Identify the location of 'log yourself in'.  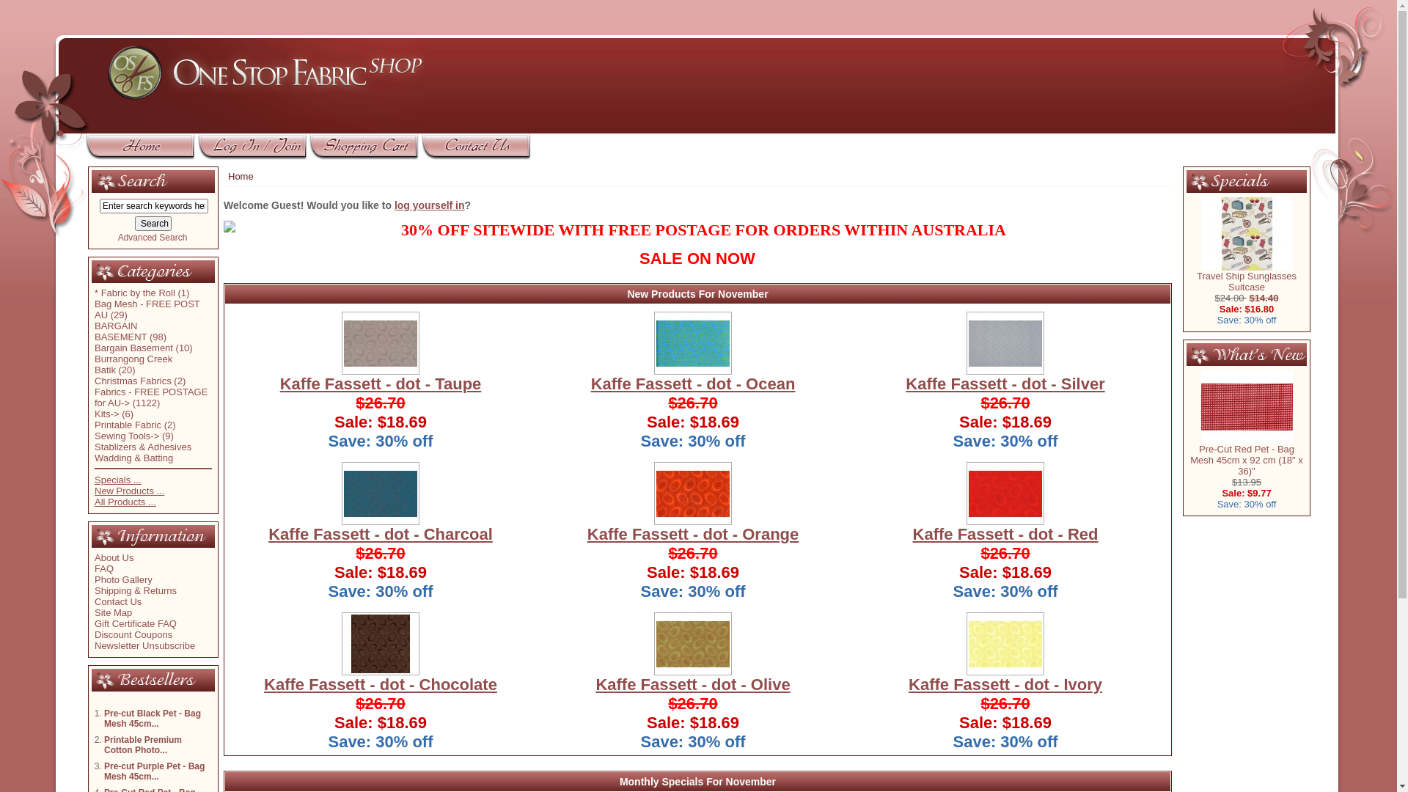
(394, 205).